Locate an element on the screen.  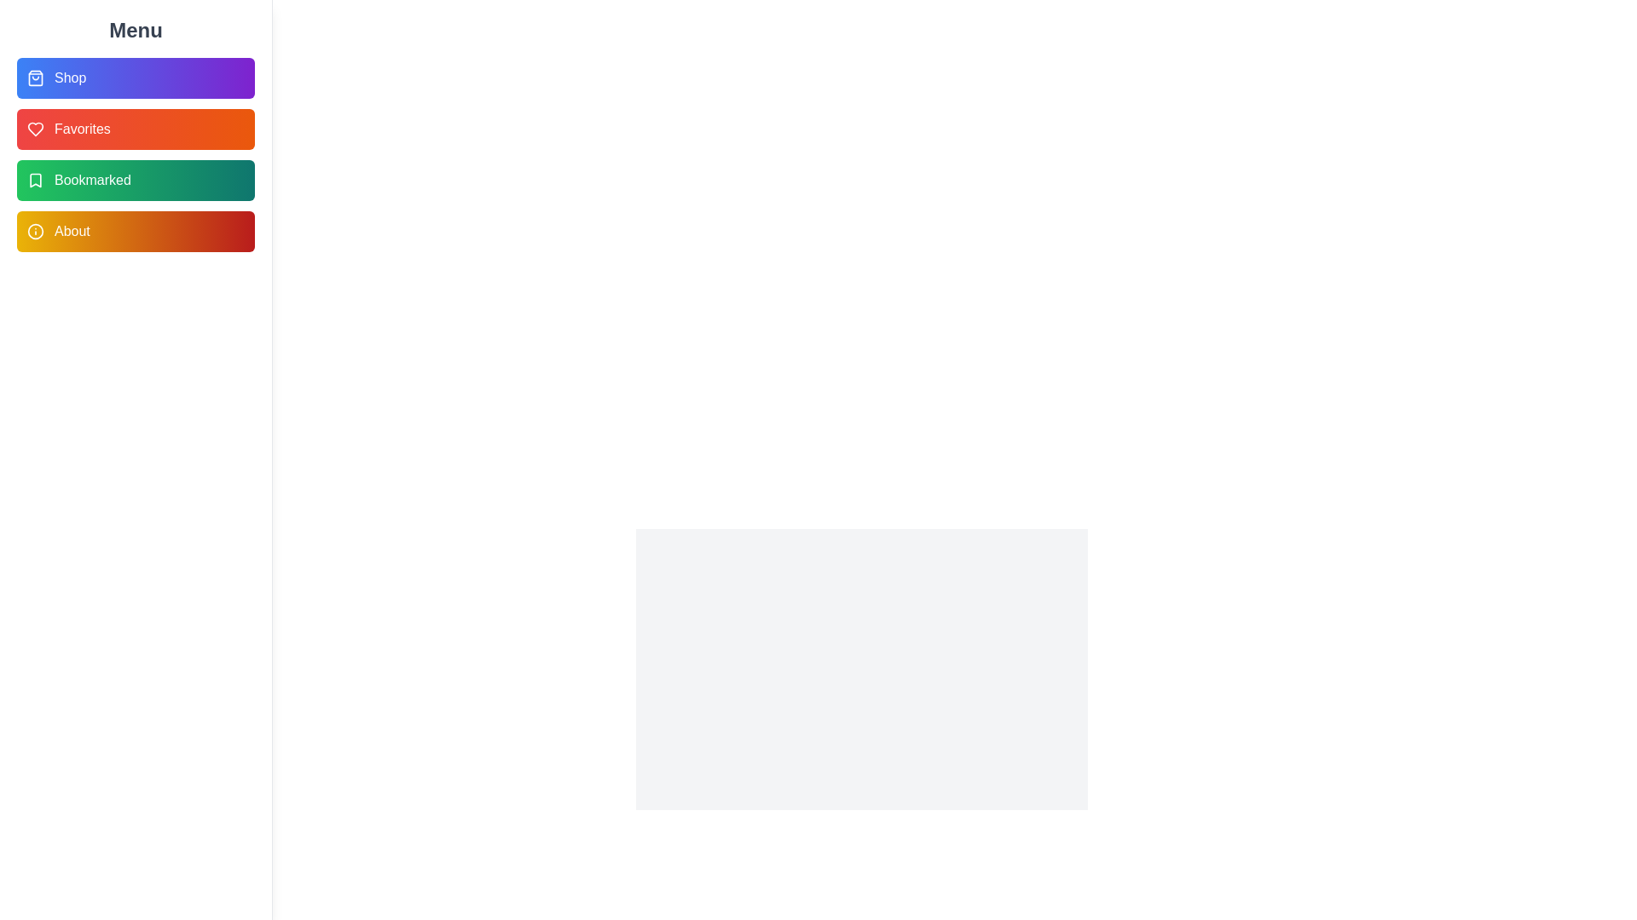
the menu item Shop to observe its hover effect is located at coordinates (135, 78).